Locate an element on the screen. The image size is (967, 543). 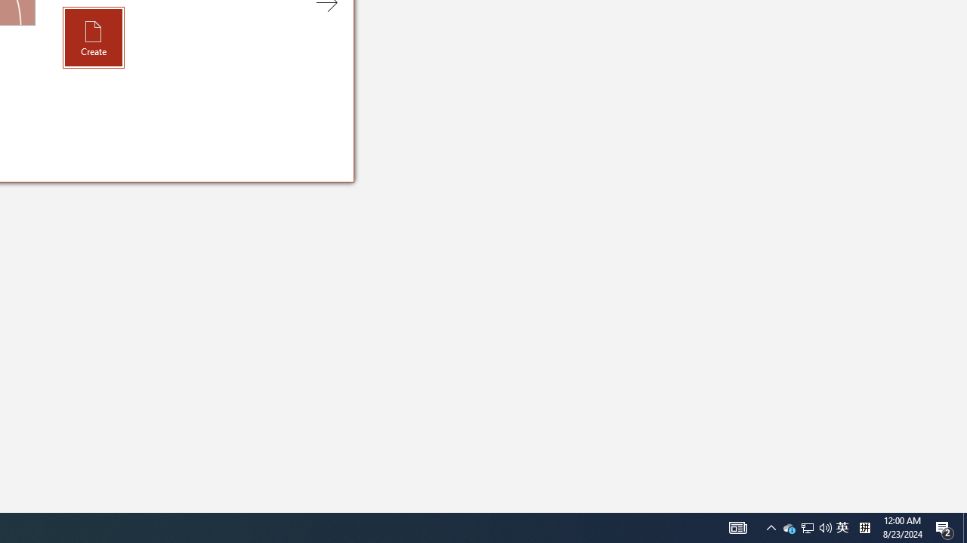
'Create' is located at coordinates (93, 36).